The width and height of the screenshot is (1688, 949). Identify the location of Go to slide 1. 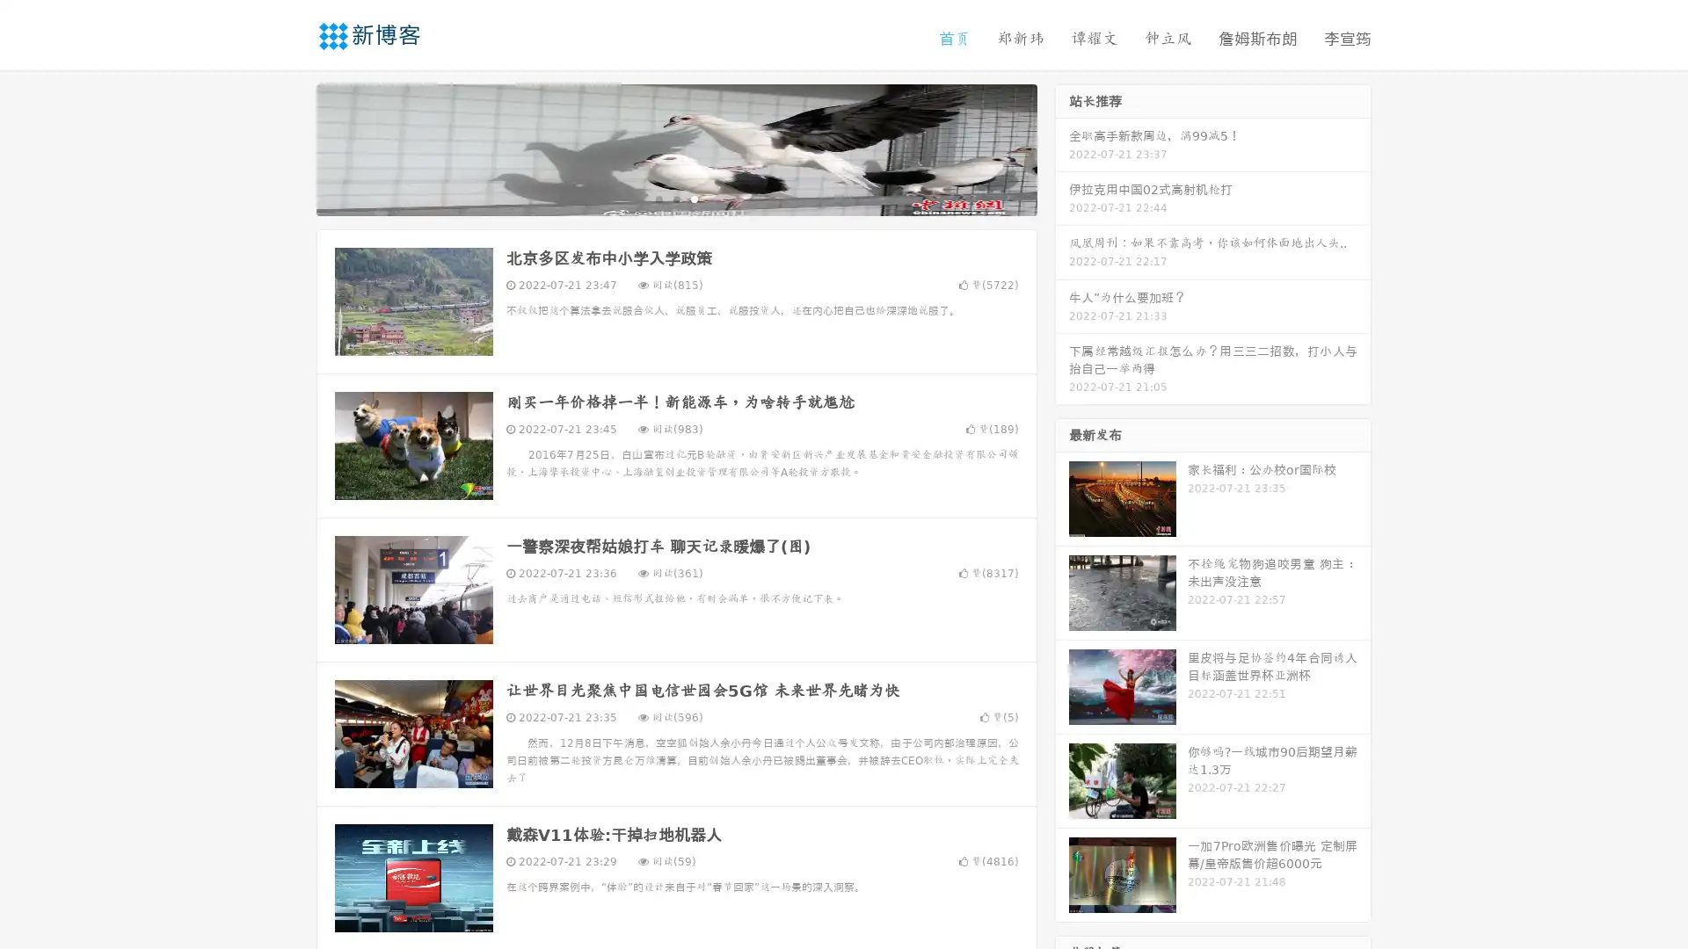
(658, 198).